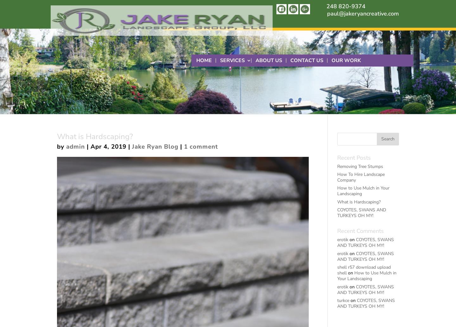  I want to click on '248 820-9374', so click(326, 6).